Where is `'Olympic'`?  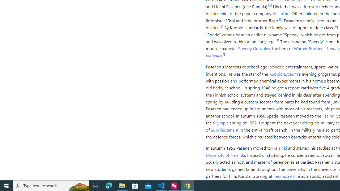
'Olympic' is located at coordinates (221, 123).